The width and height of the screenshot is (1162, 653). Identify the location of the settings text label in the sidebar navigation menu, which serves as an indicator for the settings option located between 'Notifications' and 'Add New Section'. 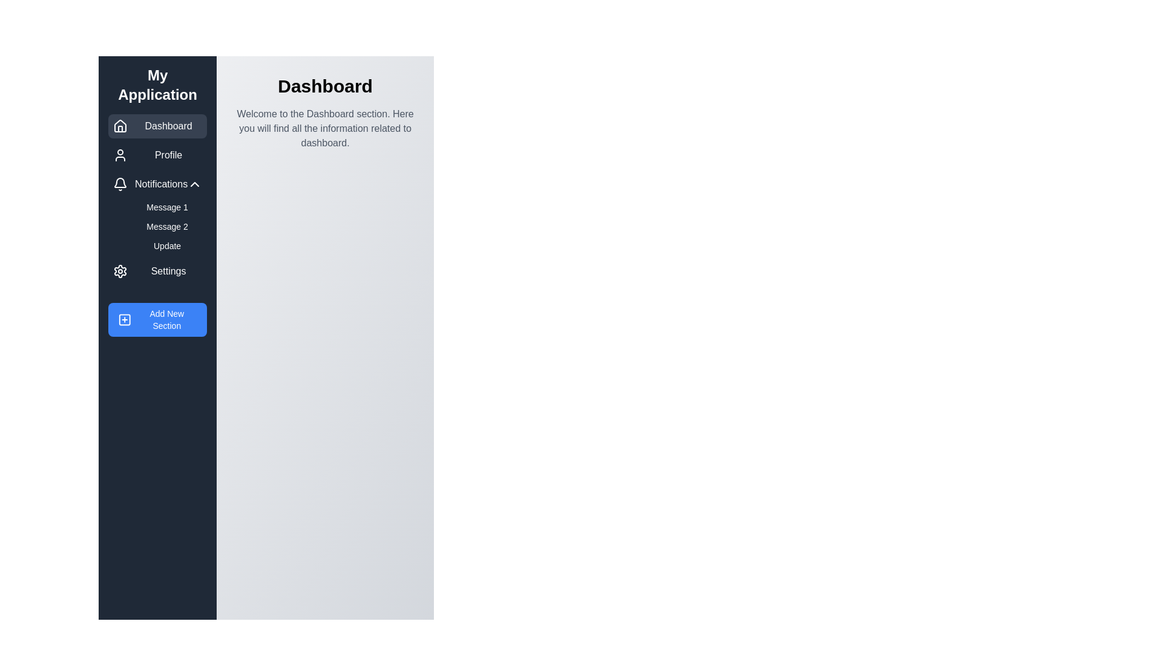
(168, 270).